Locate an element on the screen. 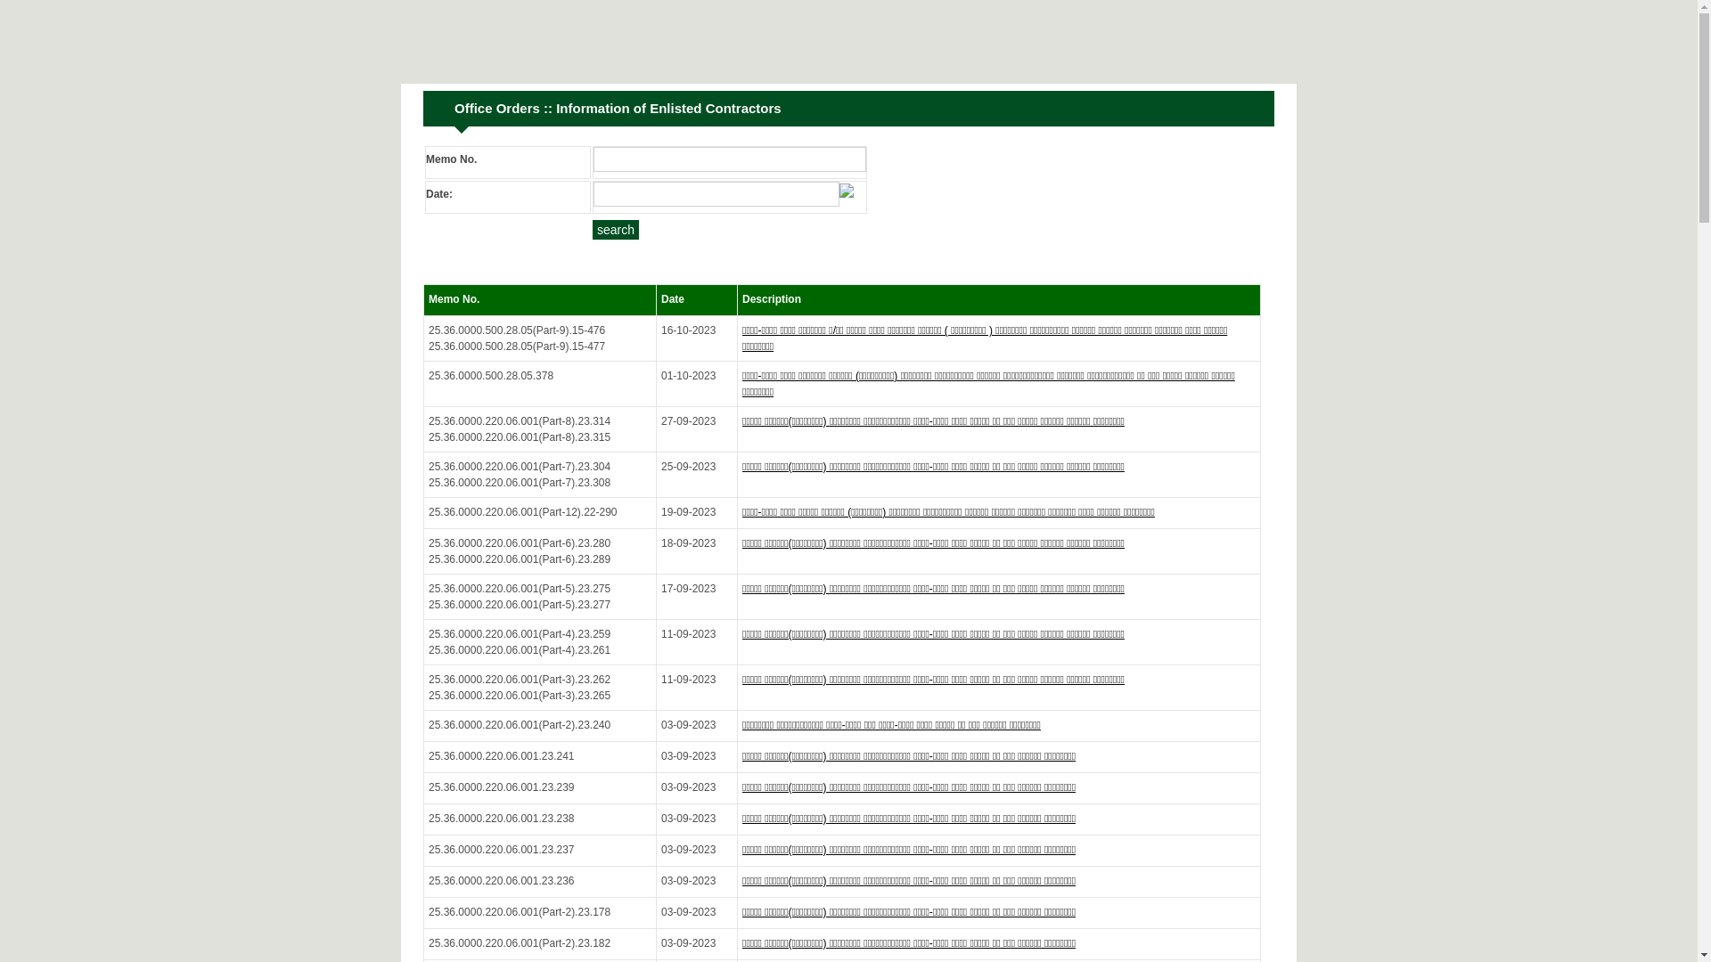 The width and height of the screenshot is (1711, 962). 'search' is located at coordinates (616, 229).